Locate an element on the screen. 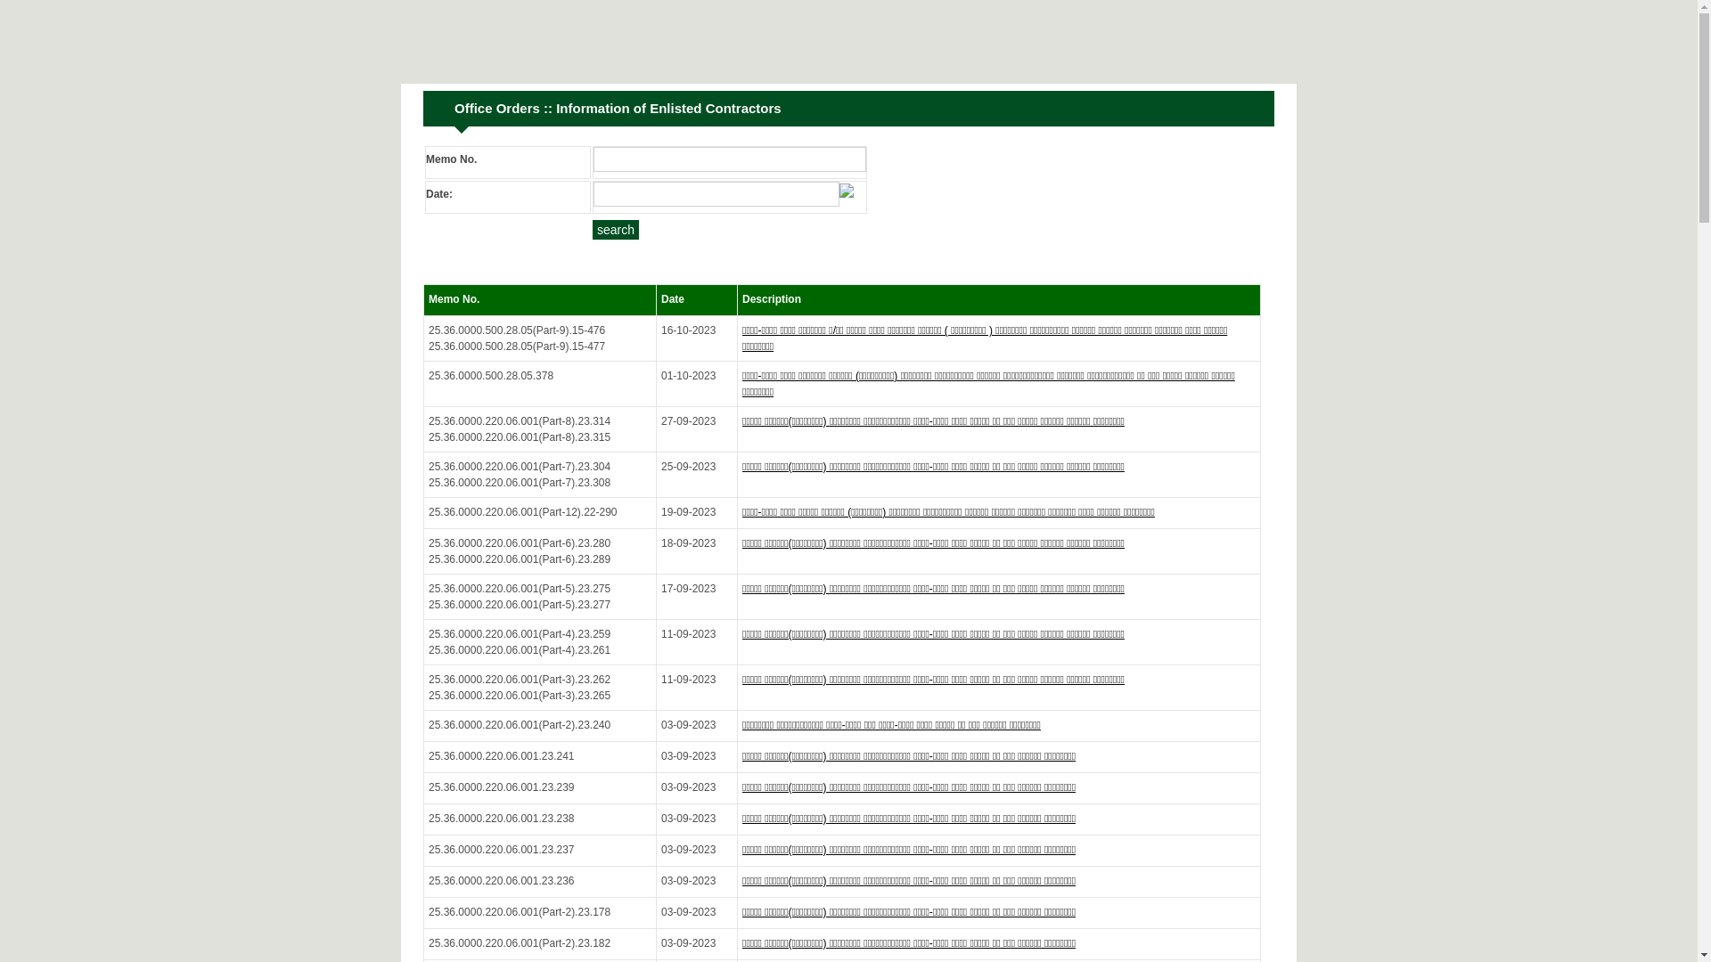 The width and height of the screenshot is (1711, 962). 'search' is located at coordinates (616, 229).